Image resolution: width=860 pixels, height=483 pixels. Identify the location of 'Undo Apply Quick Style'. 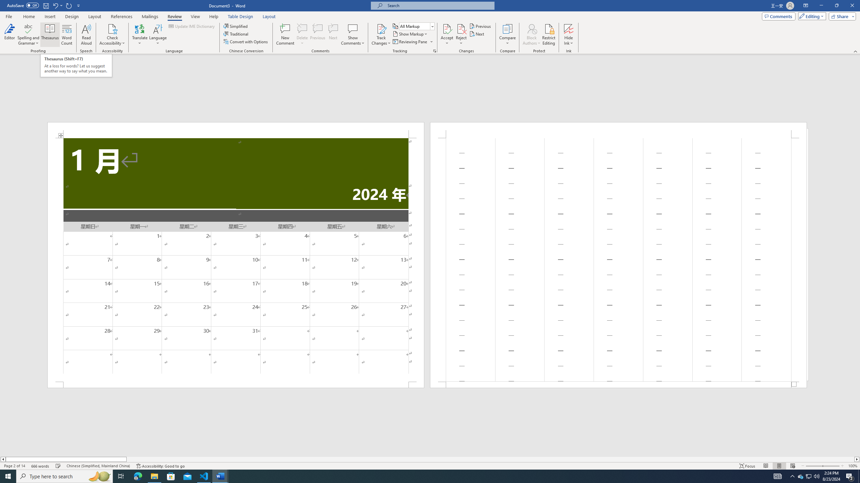
(55, 5).